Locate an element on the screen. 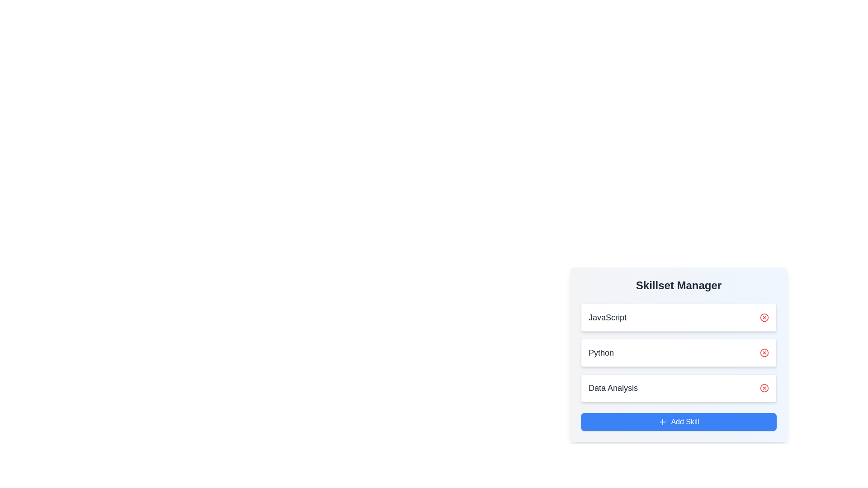 This screenshot has height=488, width=868. the 'Add Skill' button to add a new skill is located at coordinates (679, 422).